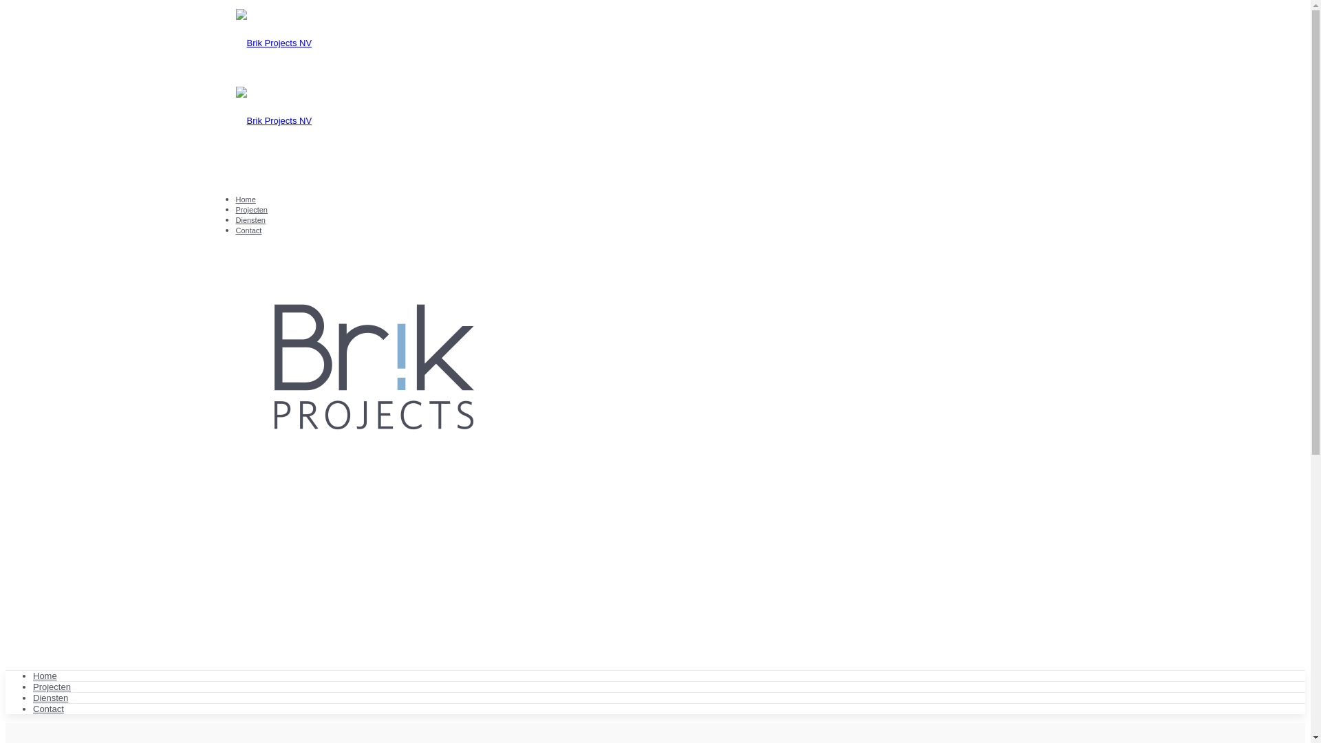 This screenshot has height=743, width=1321. Describe the element at coordinates (48, 709) in the screenshot. I see `'Contact'` at that location.